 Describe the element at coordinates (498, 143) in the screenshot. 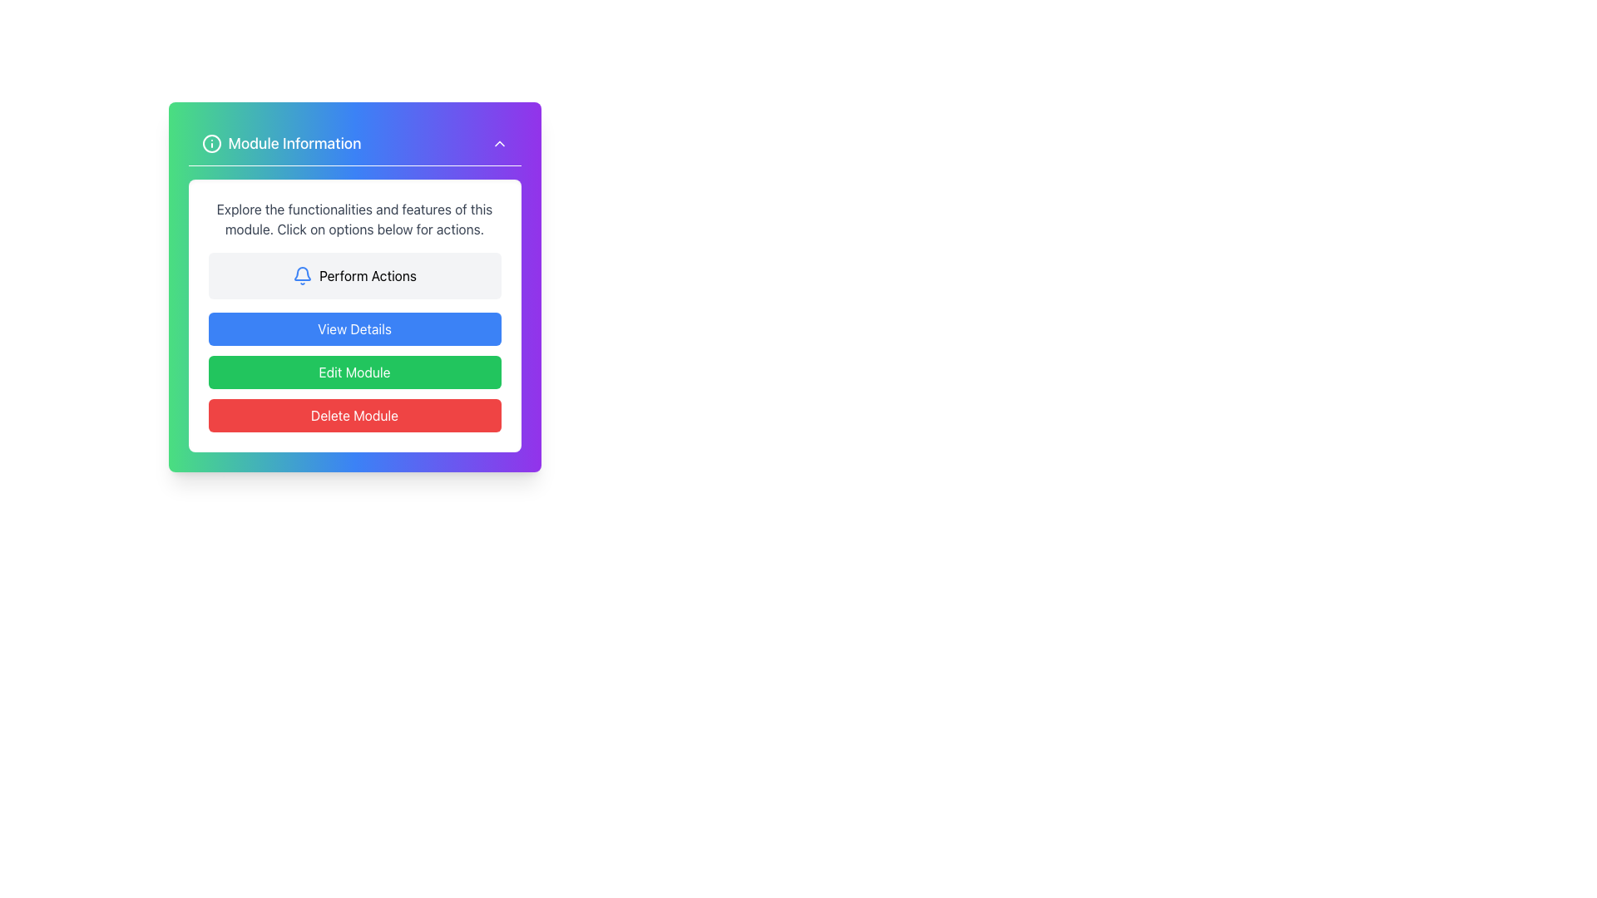

I see `the upward-pointing chevron icon located in the top-right corner of the 'Module Information' header` at that location.